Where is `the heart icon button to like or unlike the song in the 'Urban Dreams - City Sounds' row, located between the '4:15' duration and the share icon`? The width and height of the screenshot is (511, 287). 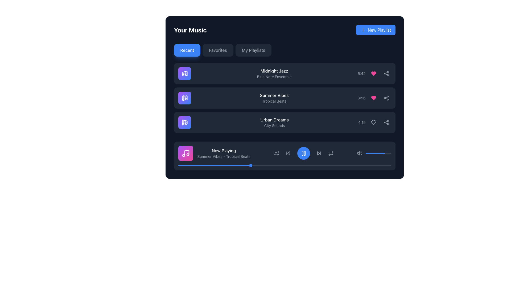
the heart icon button to like or unlike the song in the 'Urban Dreams - City Sounds' row, located between the '4:15' duration and the share icon is located at coordinates (374, 123).